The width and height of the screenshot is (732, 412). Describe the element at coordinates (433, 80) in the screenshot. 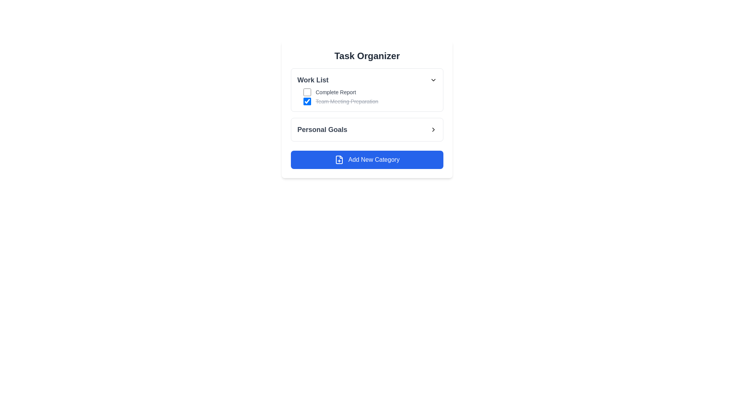

I see `the dropdown toggle button icon` at that location.